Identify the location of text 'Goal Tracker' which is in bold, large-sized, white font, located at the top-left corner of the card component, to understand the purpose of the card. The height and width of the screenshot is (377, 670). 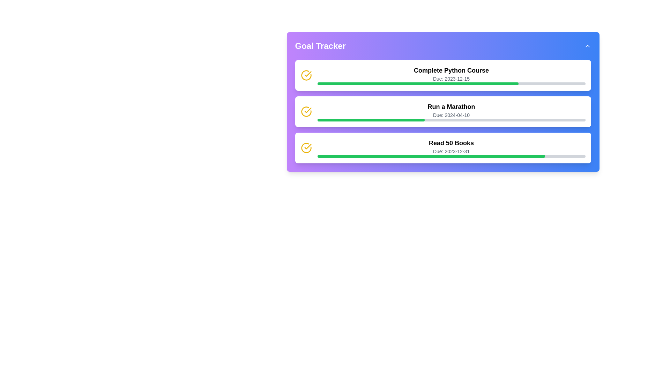
(320, 46).